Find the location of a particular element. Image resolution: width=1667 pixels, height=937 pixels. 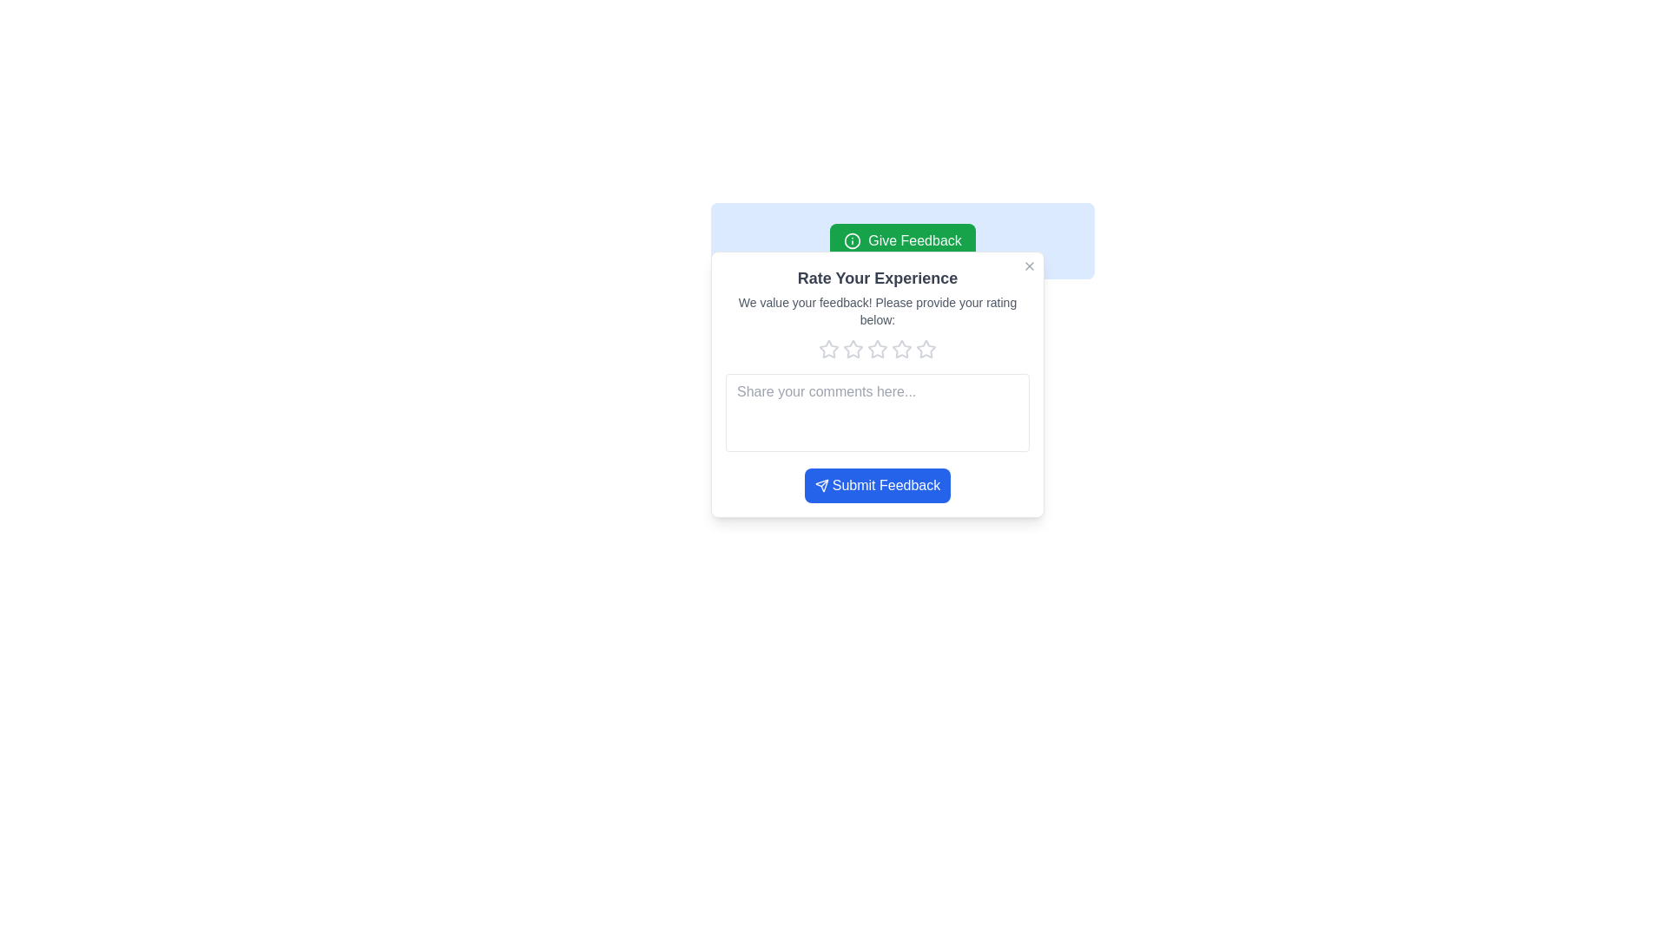

the textarea input field located centrally near the bottom of the feedback form, which is intended for users to write comments or additional feedback is located at coordinates (878, 412).